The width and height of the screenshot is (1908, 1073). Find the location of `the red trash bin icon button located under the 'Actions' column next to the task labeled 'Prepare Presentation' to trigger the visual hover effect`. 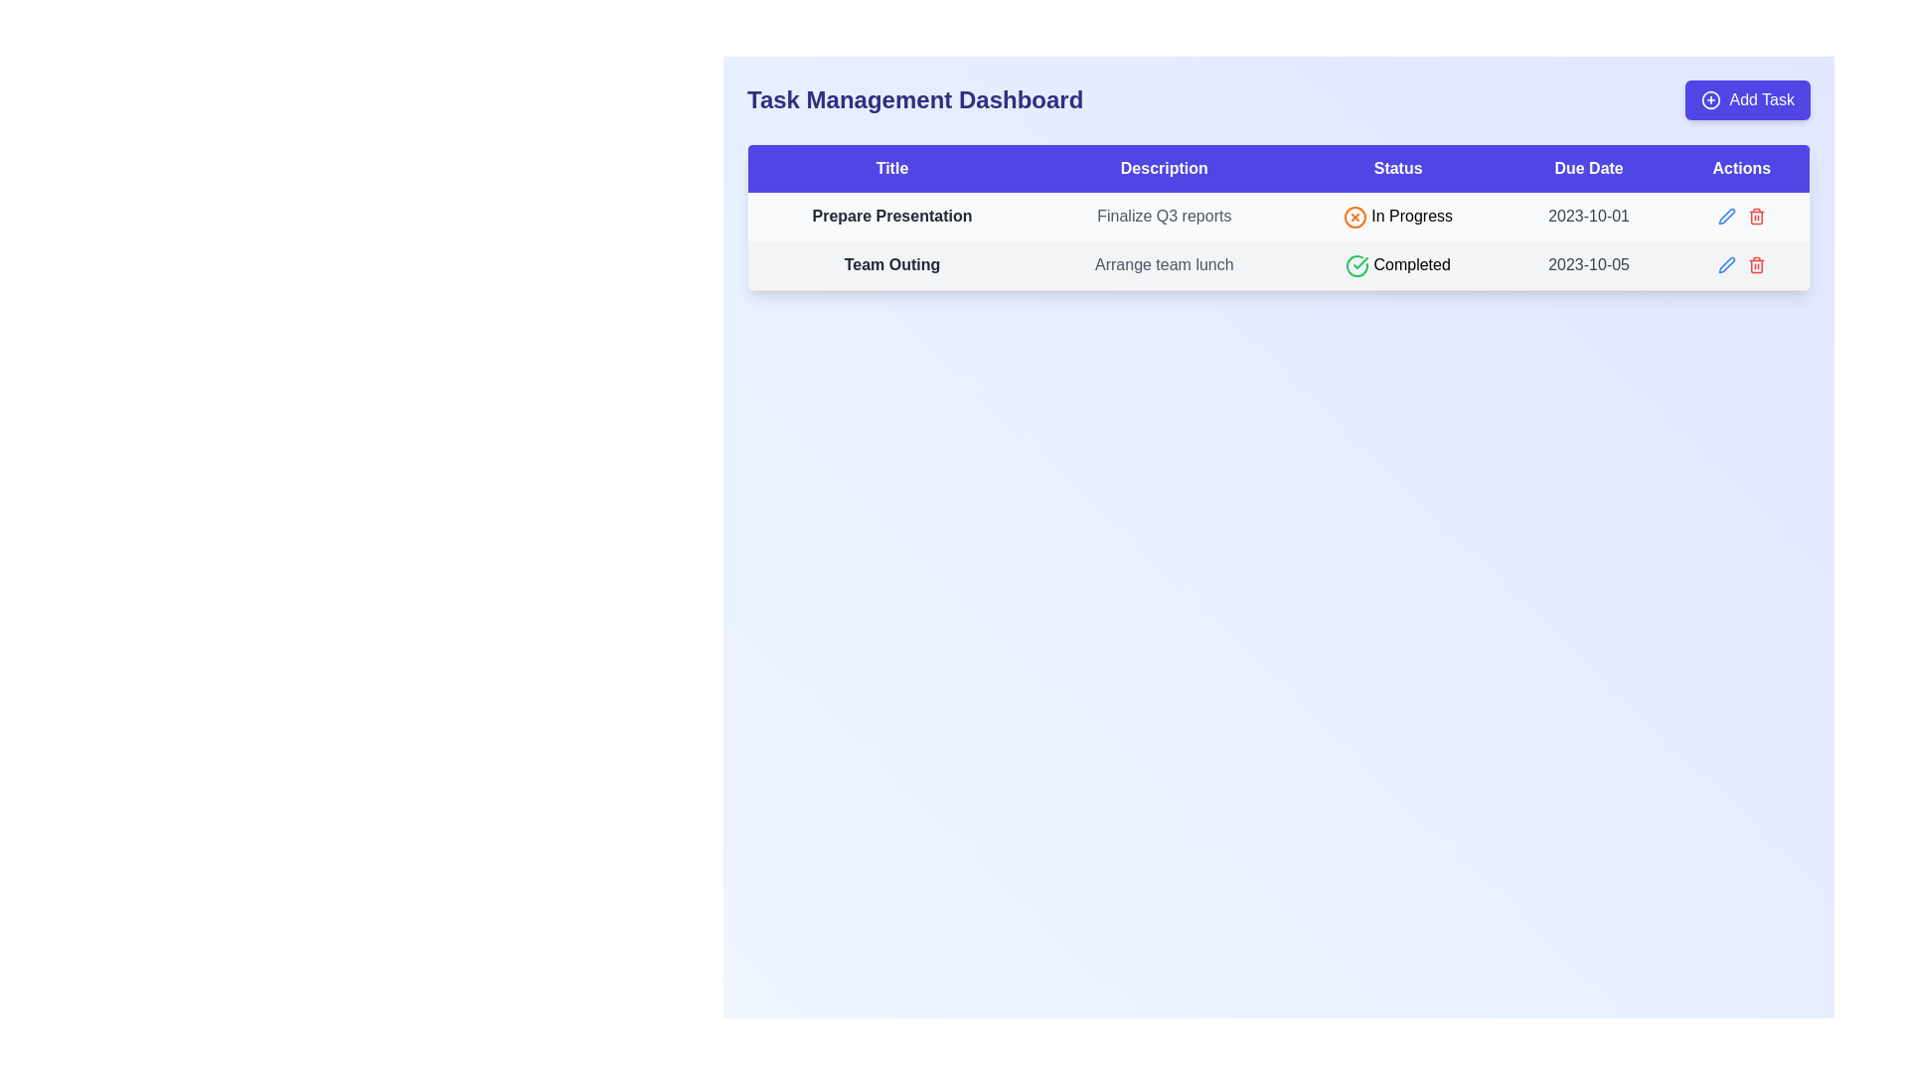

the red trash bin icon button located under the 'Actions' column next to the task labeled 'Prepare Presentation' to trigger the visual hover effect is located at coordinates (1756, 264).